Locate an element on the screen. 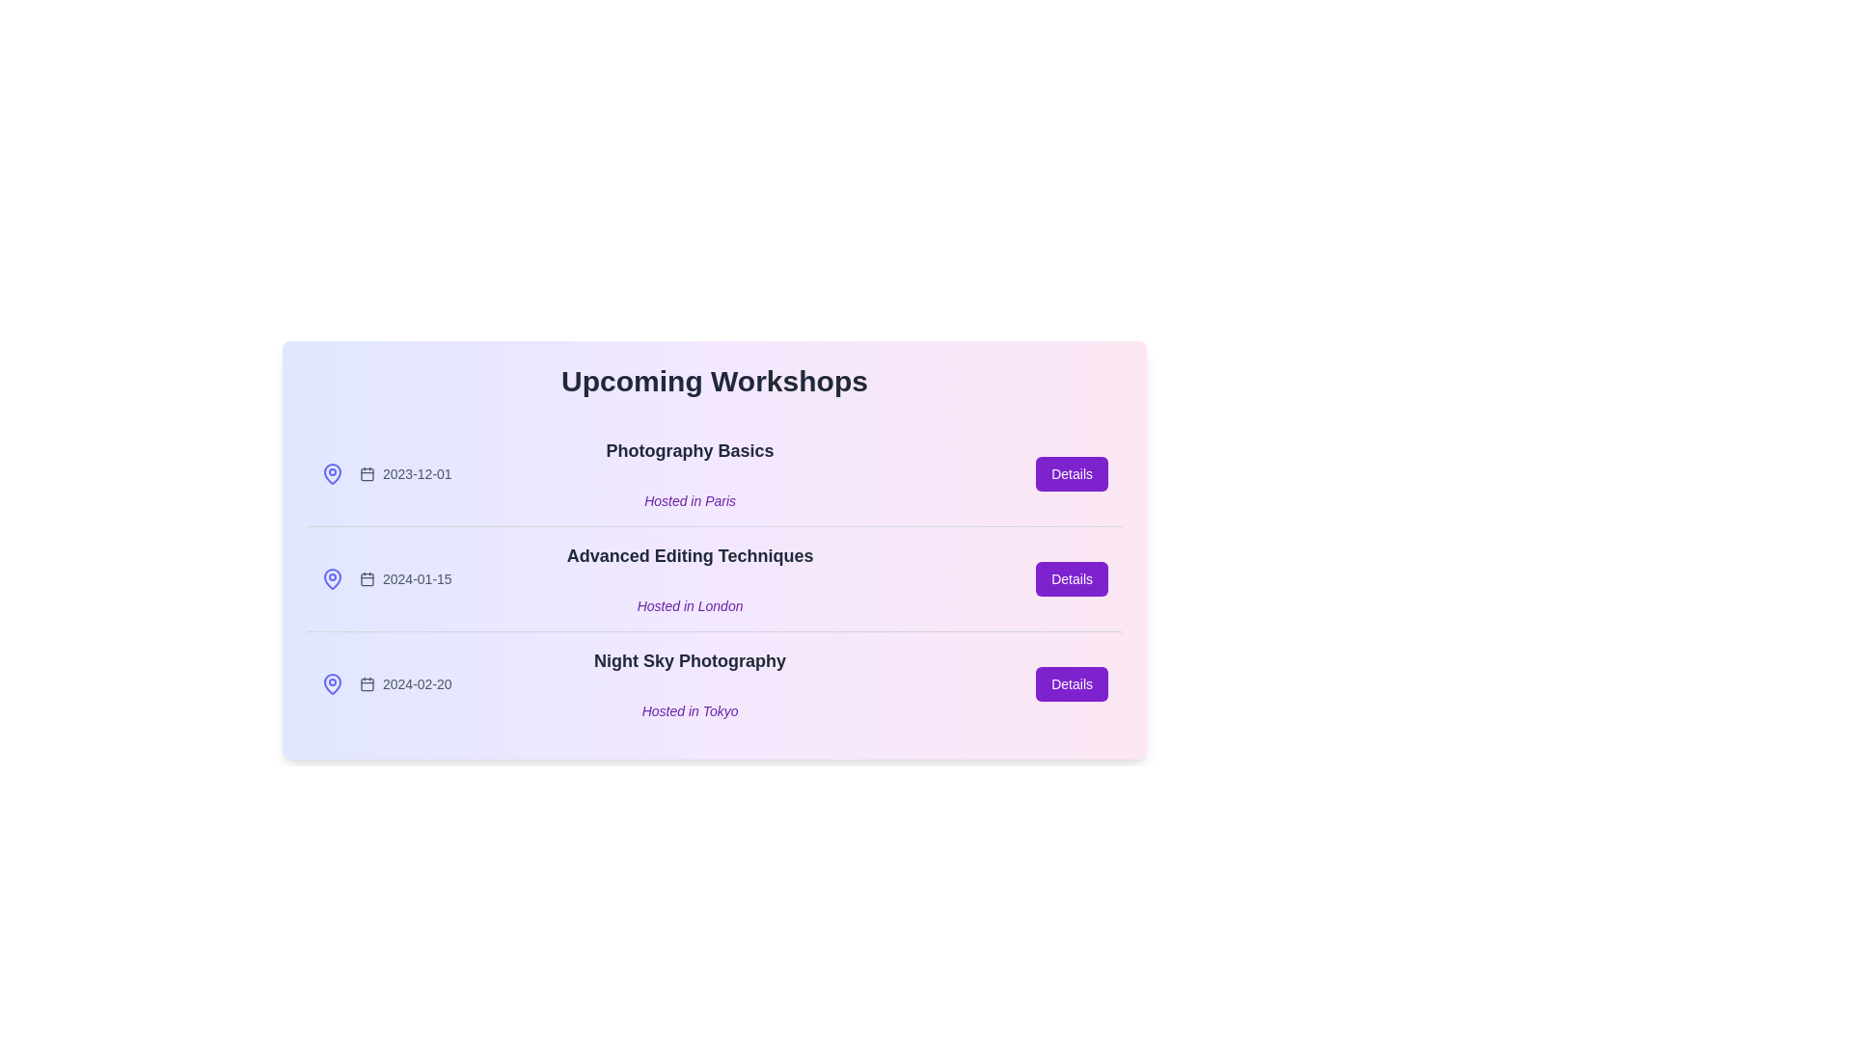 The height and width of the screenshot is (1041, 1852). the workshop item corresponding to Photography Basics is located at coordinates (713, 474).